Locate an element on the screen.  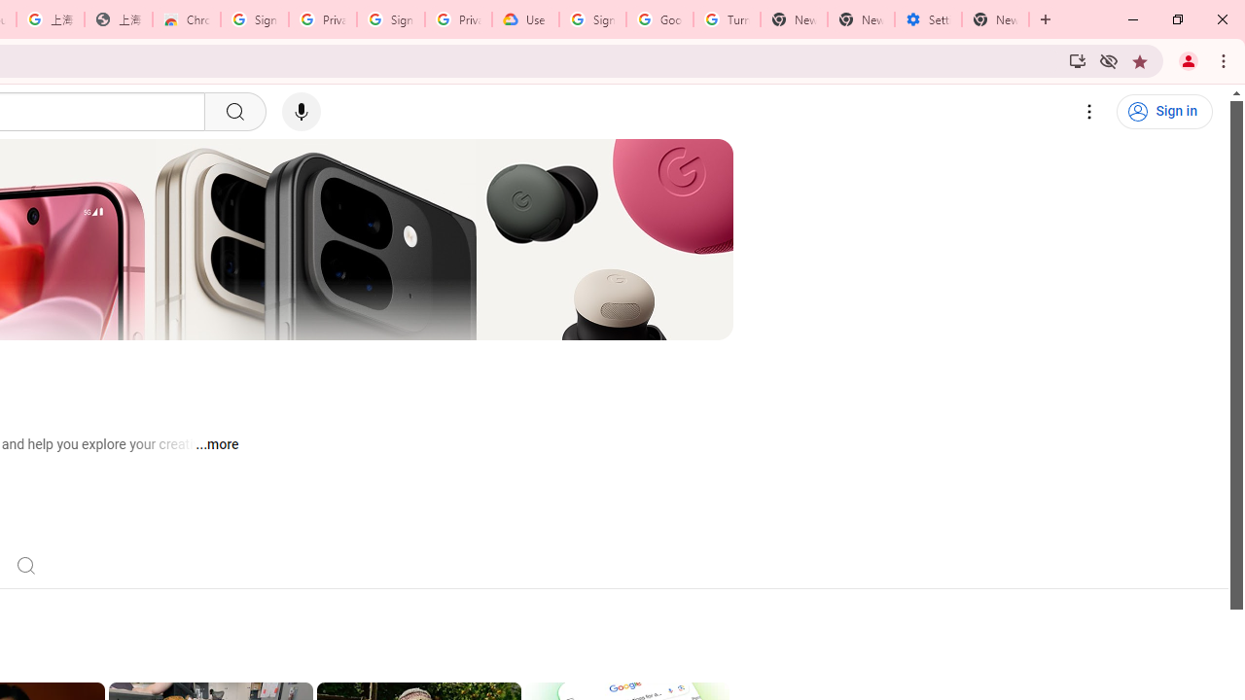
'Chrome Web Store - Color themes by Chrome' is located at coordinates (187, 19).